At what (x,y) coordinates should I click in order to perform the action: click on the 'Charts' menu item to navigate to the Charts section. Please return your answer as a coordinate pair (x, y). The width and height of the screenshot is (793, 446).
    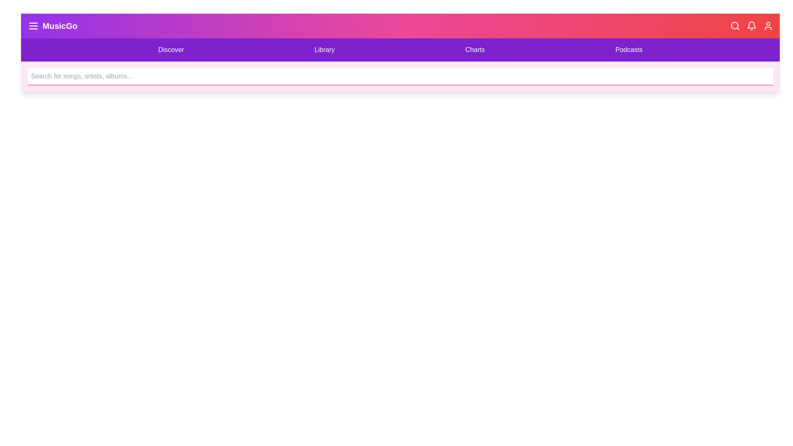
    Looking at the image, I should click on (475, 50).